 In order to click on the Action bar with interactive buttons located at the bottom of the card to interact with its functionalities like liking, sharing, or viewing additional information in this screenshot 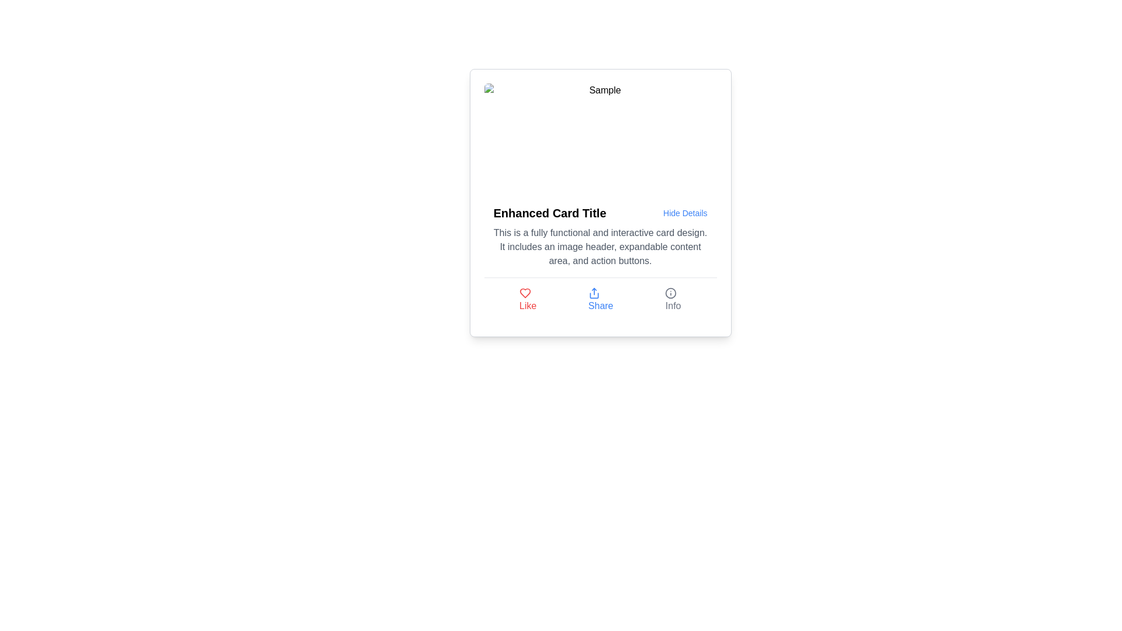, I will do `click(600, 299)`.